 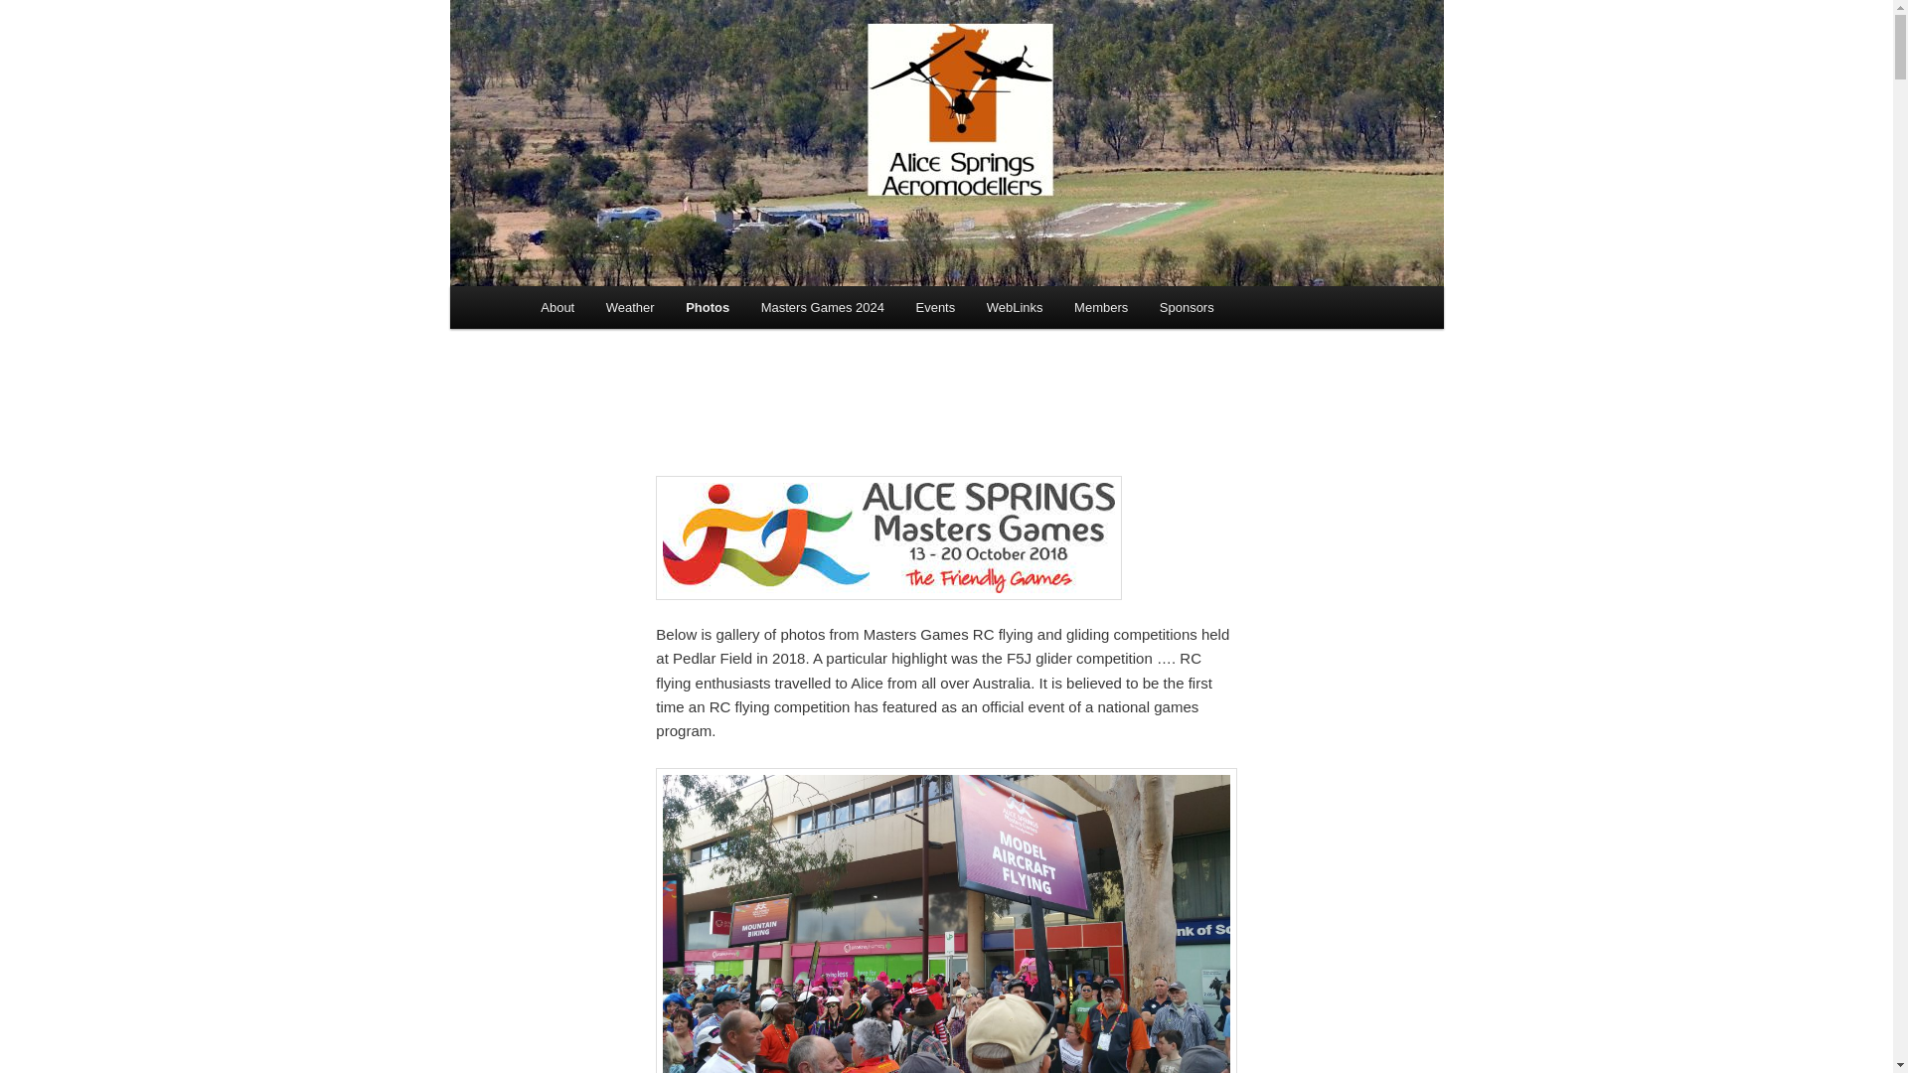 I want to click on 'Photos', so click(x=707, y=307).